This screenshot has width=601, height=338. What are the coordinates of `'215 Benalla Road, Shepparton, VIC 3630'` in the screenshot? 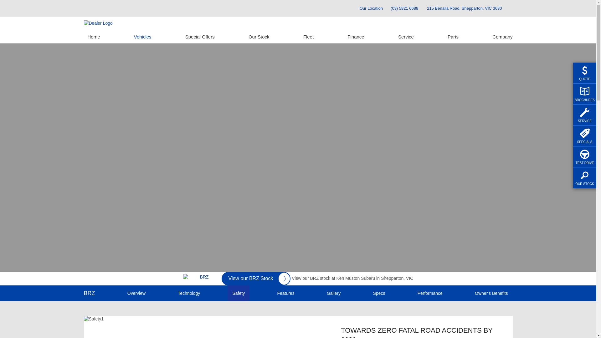 It's located at (464, 8).